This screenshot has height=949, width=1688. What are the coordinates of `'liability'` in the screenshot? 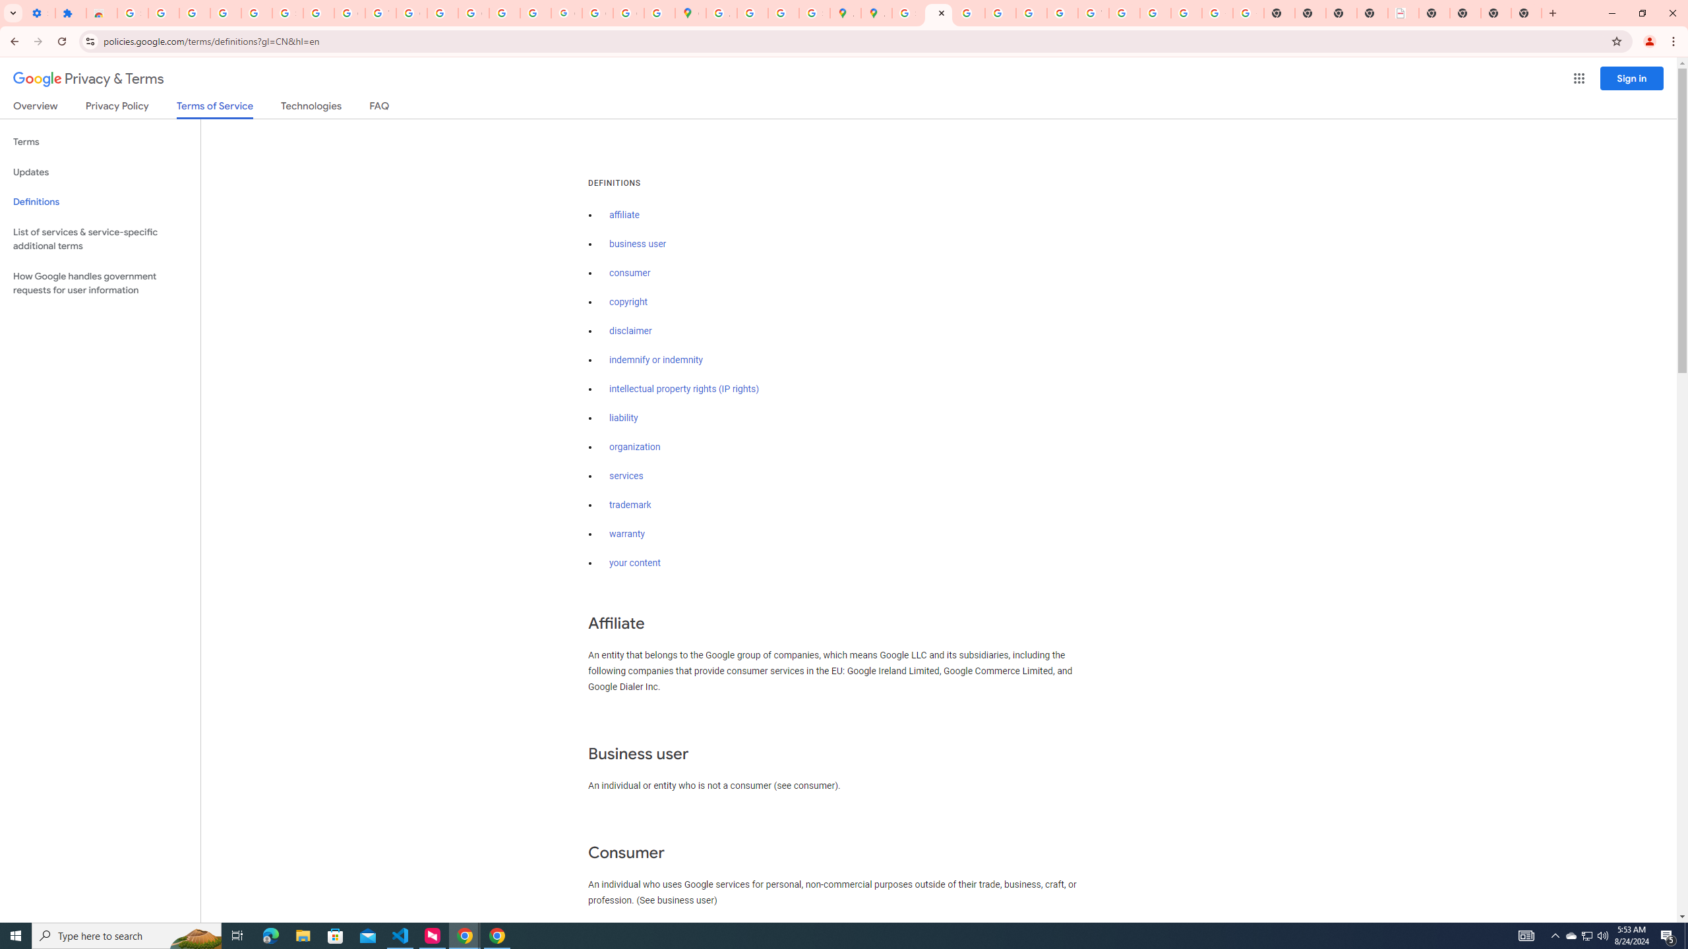 It's located at (623, 418).